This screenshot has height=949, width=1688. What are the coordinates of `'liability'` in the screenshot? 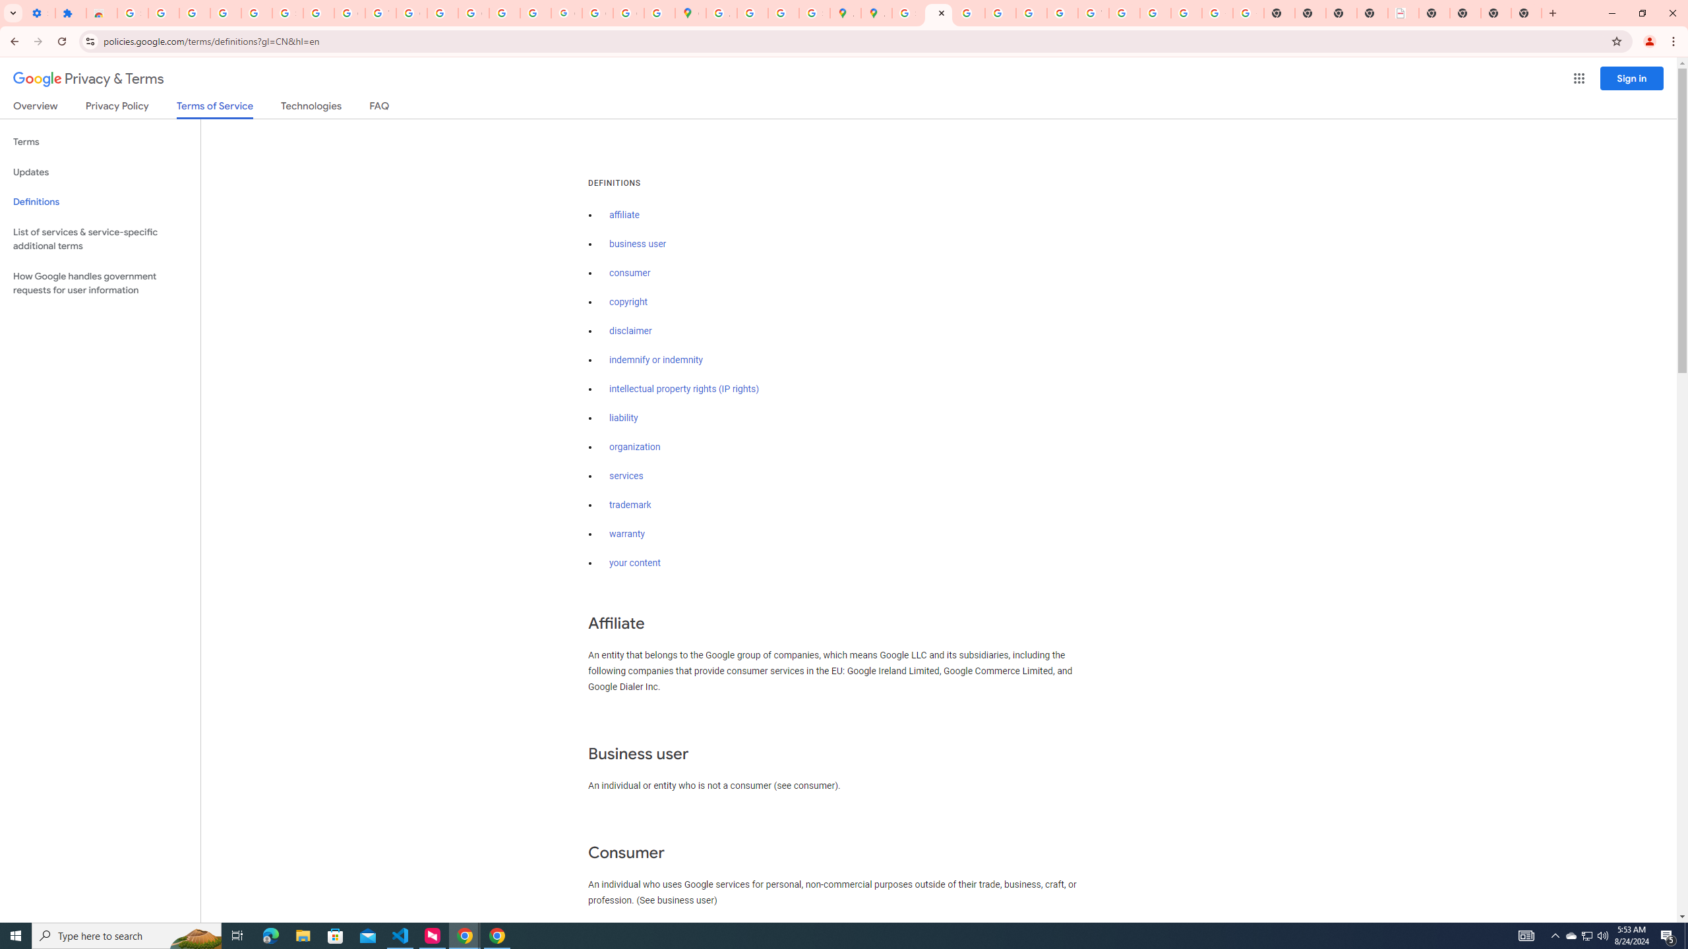 It's located at (623, 418).